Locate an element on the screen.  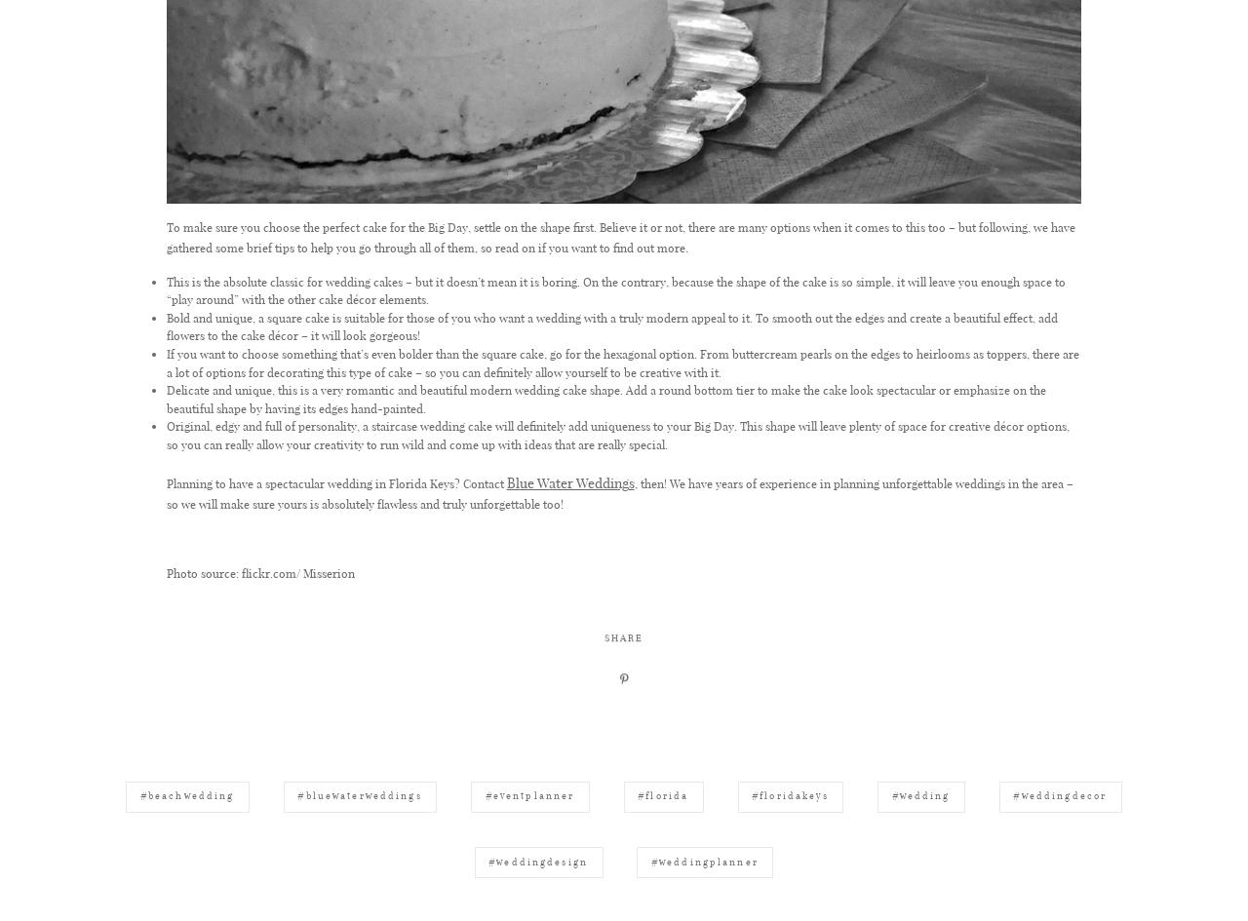
'#florida' is located at coordinates (663, 885).